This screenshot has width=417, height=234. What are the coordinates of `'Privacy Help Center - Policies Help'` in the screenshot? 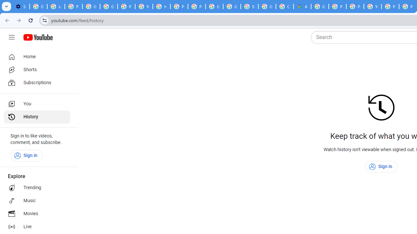 It's located at (338, 6).